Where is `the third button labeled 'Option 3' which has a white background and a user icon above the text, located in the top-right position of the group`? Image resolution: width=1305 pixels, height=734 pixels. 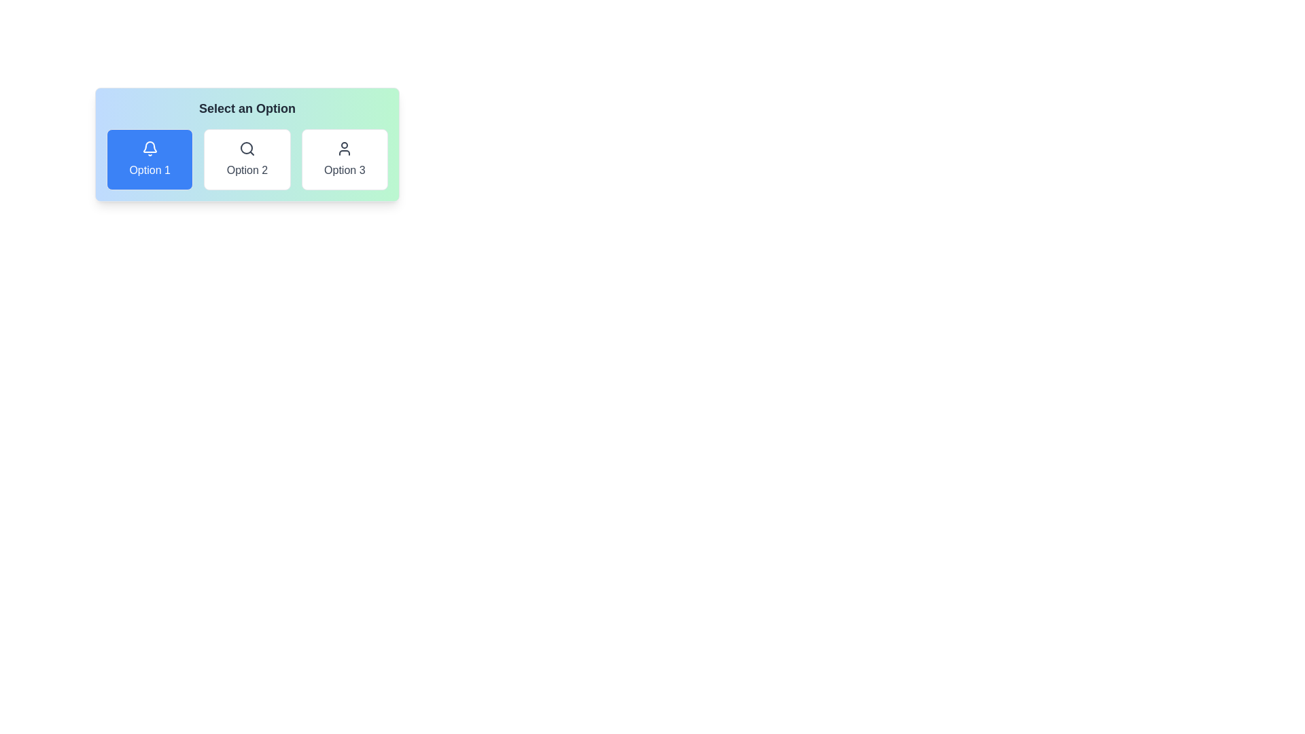
the third button labeled 'Option 3' which has a white background and a user icon above the text, located in the top-right position of the group is located at coordinates (345, 159).